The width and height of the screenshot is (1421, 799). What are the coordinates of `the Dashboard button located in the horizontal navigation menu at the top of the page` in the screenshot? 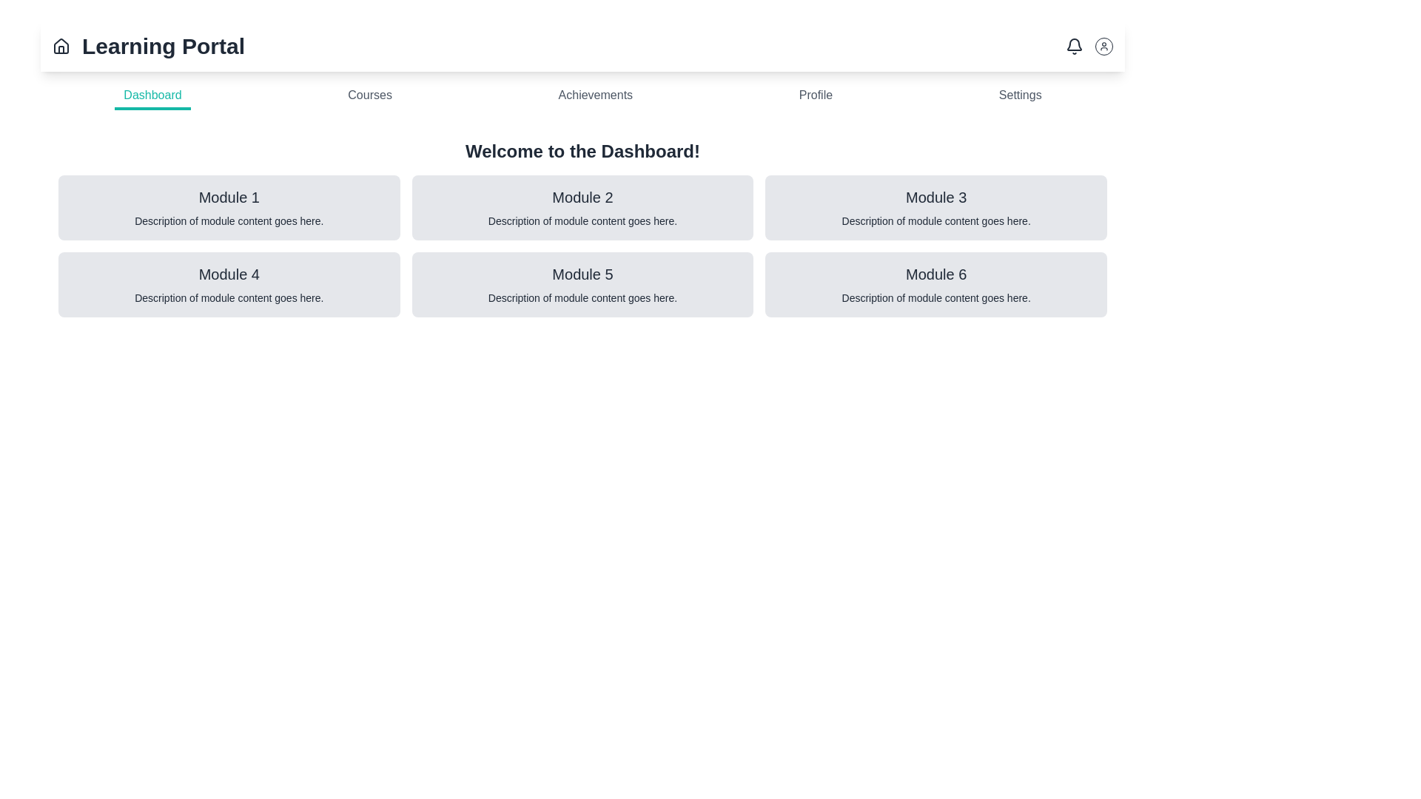 It's located at (152, 97).